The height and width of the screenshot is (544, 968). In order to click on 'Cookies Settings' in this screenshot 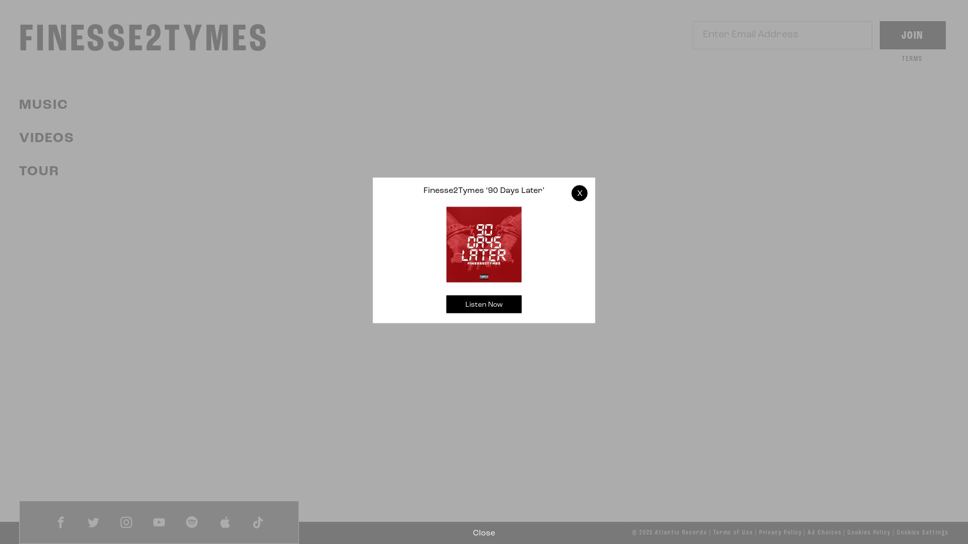, I will do `click(923, 532)`.